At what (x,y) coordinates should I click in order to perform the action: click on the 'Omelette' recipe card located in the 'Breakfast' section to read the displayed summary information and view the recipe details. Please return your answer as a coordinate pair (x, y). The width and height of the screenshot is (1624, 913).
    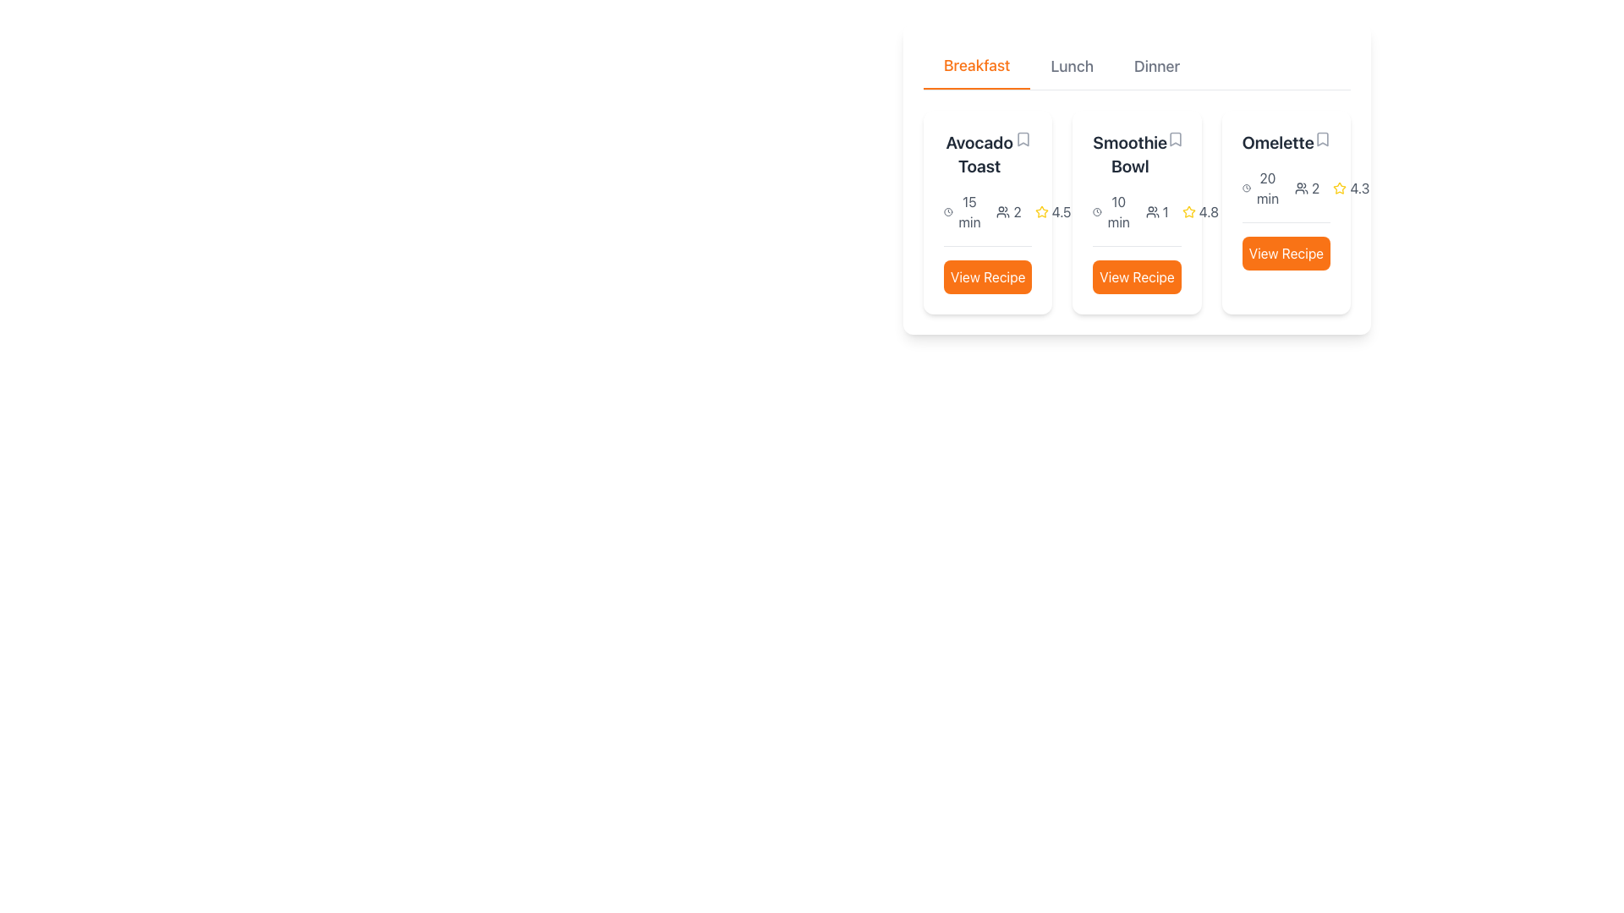
    Looking at the image, I should click on (1286, 200).